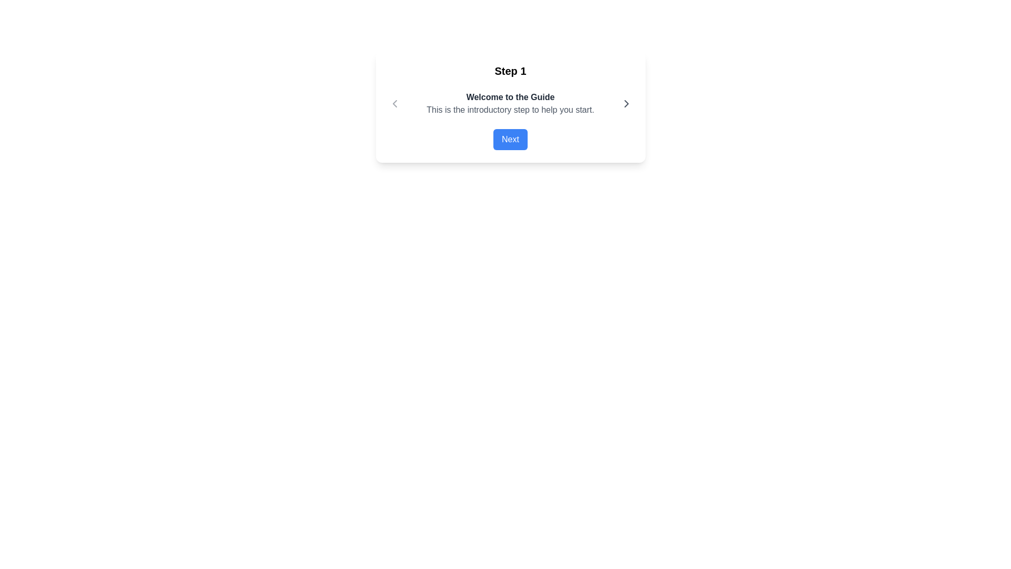 The height and width of the screenshot is (569, 1011). Describe the element at coordinates (510, 103) in the screenshot. I see `the informative text panel titled 'Welcome to the Guide'` at that location.